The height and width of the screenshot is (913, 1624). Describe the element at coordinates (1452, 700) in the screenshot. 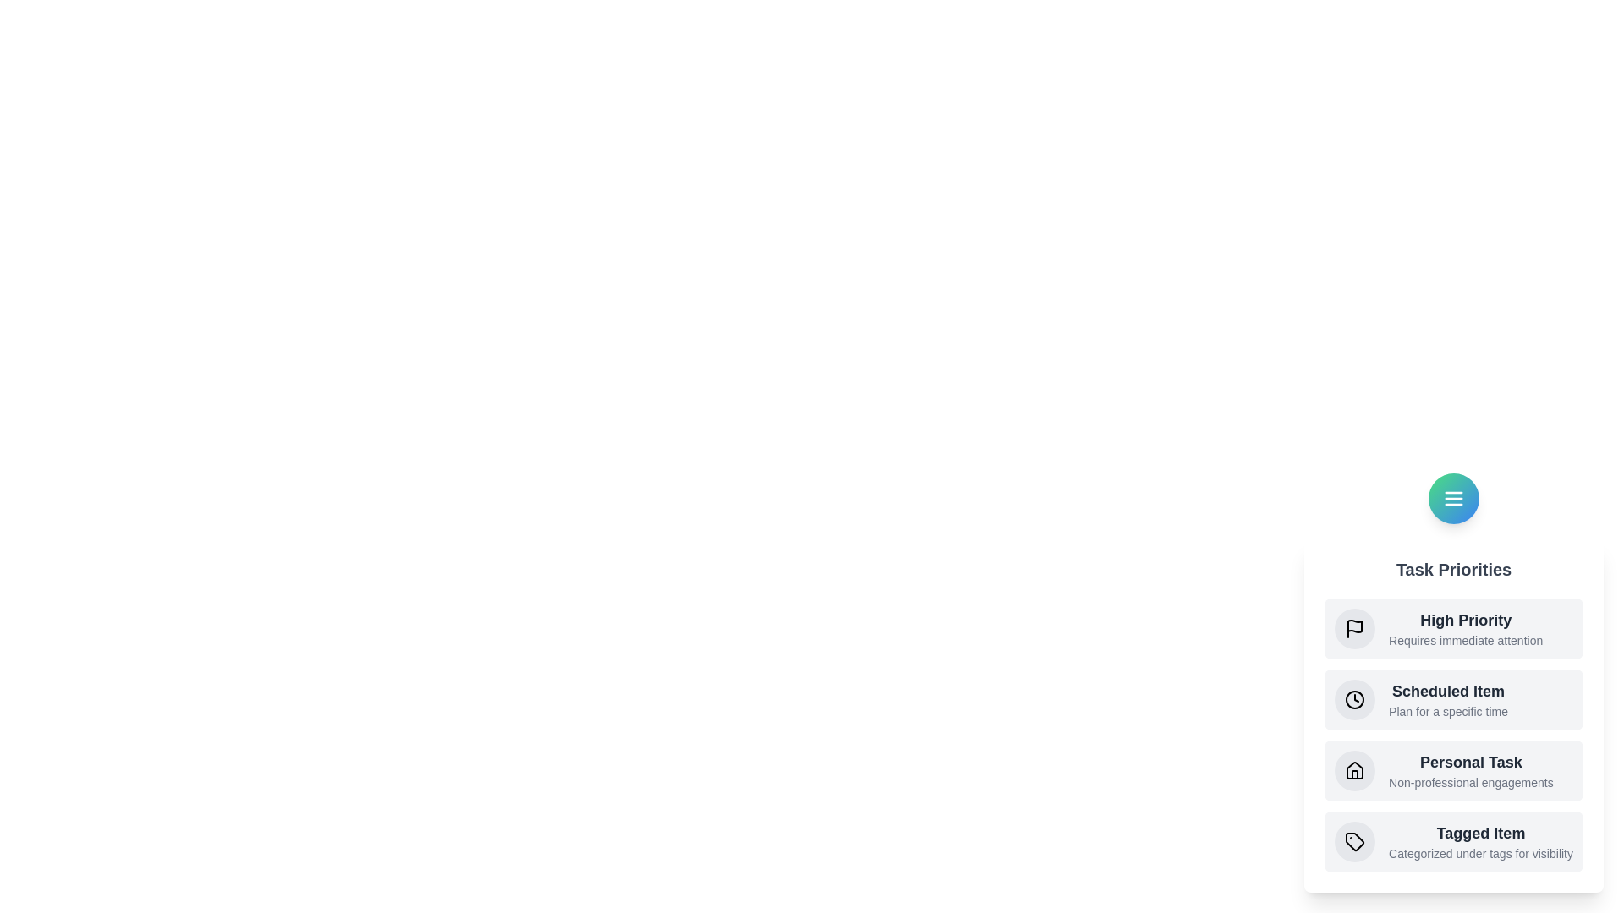

I see `the priority item Scheduled Item to read its description` at that location.